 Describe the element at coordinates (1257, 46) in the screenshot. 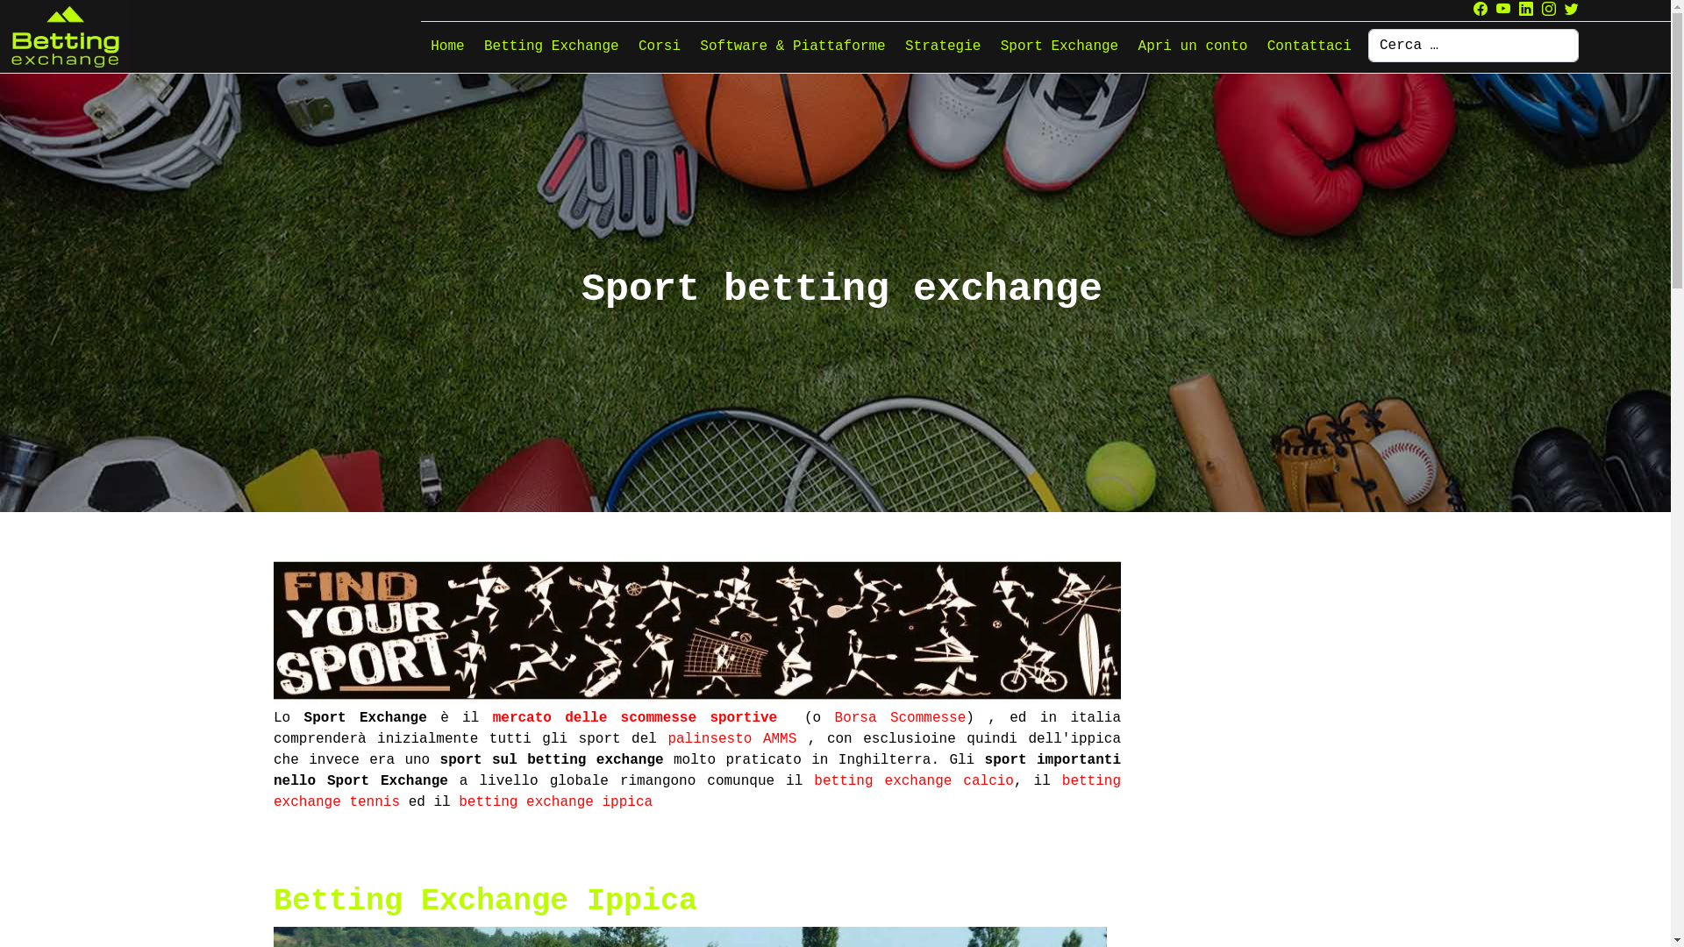

I see `'Contattaci'` at that location.